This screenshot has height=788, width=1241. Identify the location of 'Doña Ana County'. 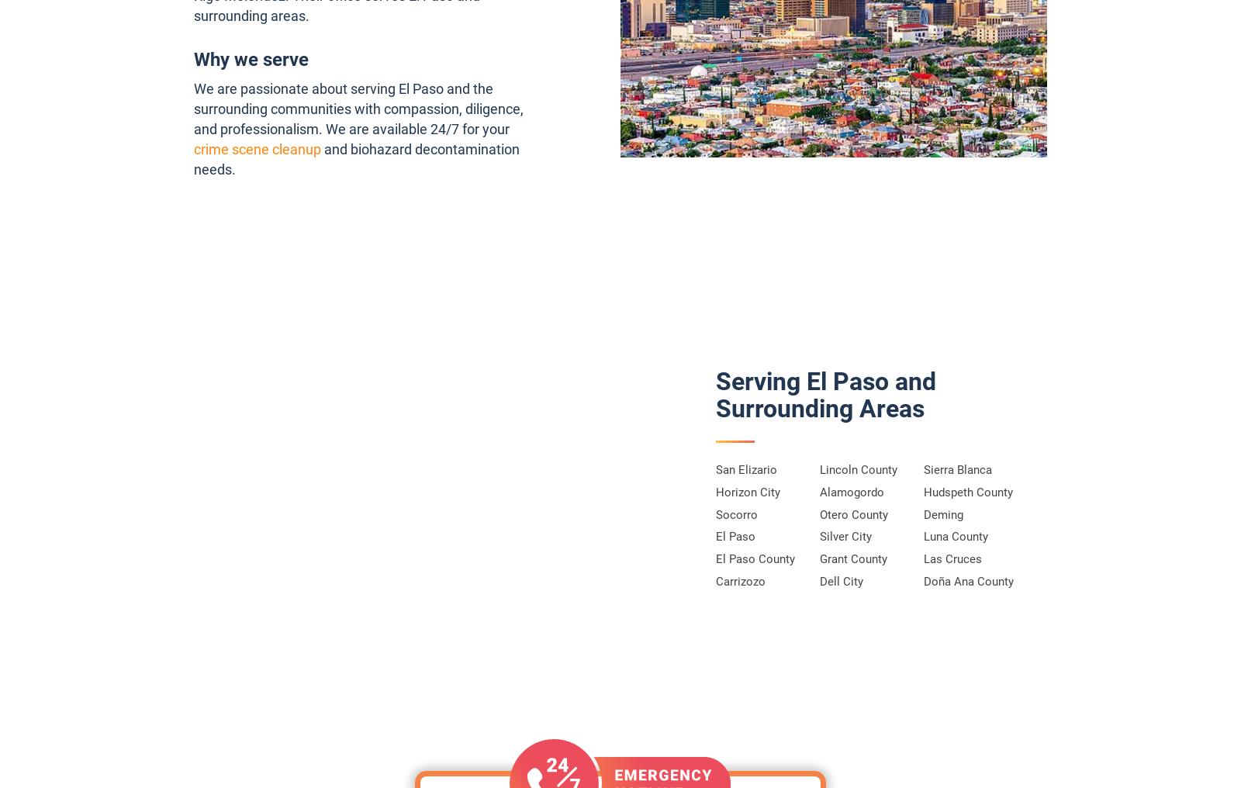
(967, 582).